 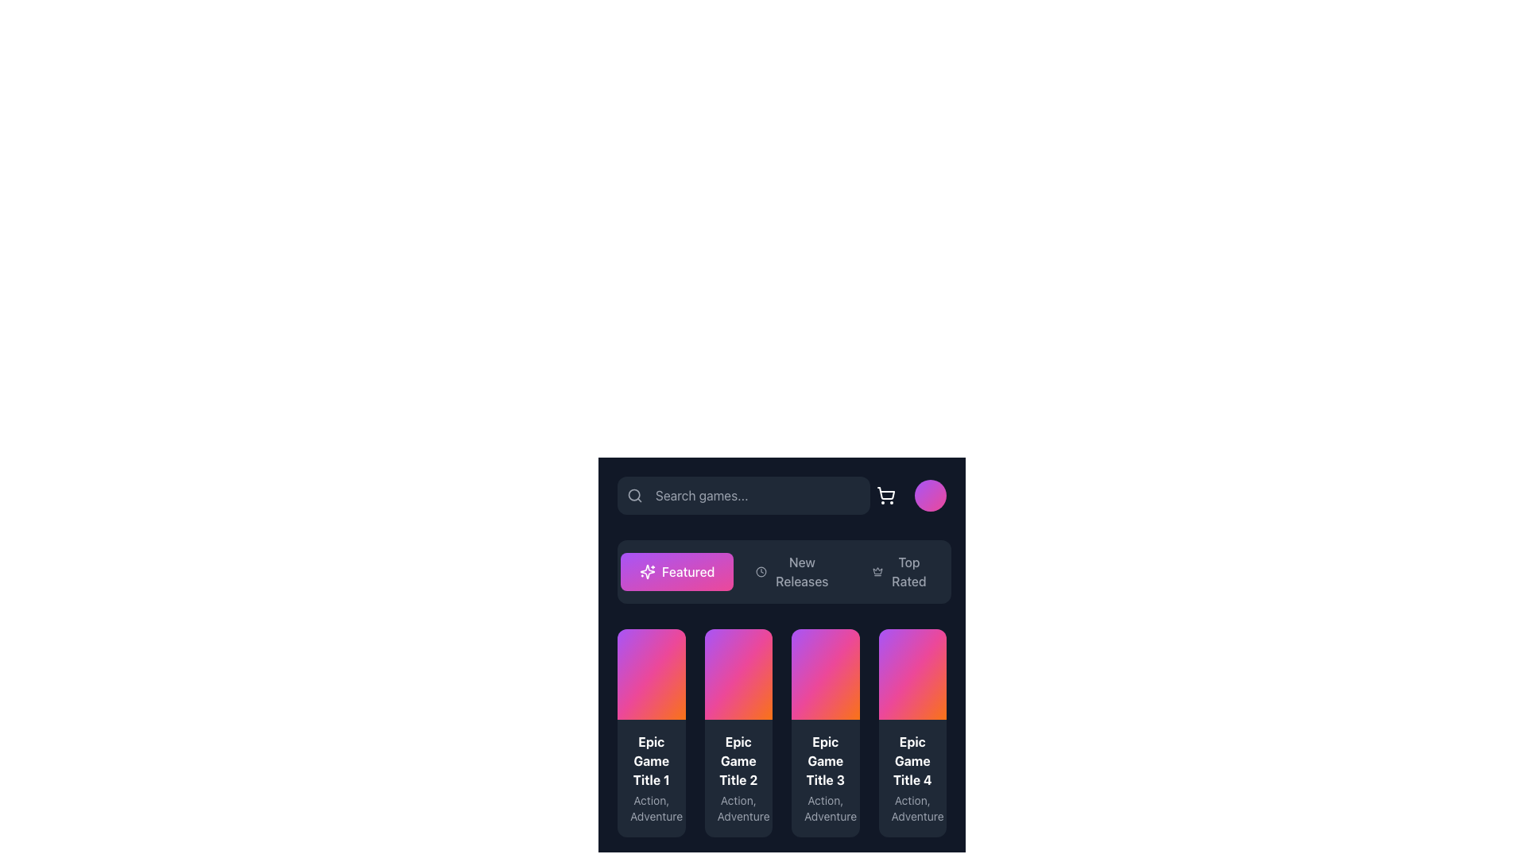 I want to click on the shopping cart icon button located in the top-right section of the interface, so click(x=885, y=495).